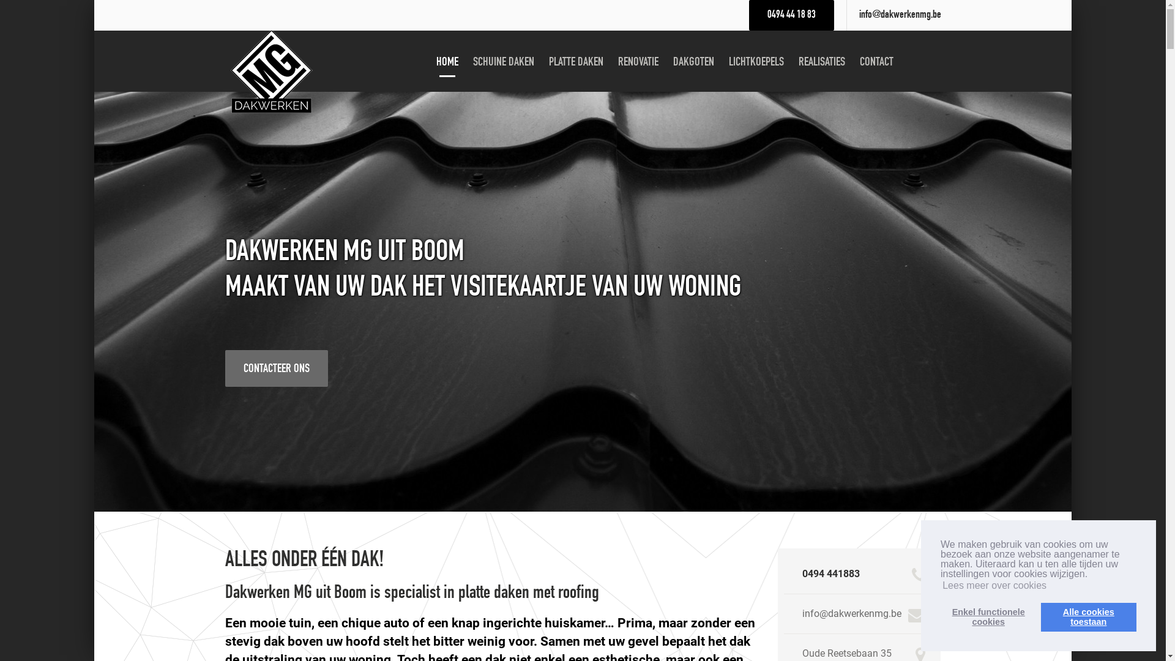 The width and height of the screenshot is (1175, 661). What do you see at coordinates (693, 61) in the screenshot?
I see `'DAKGOTEN'` at bounding box center [693, 61].